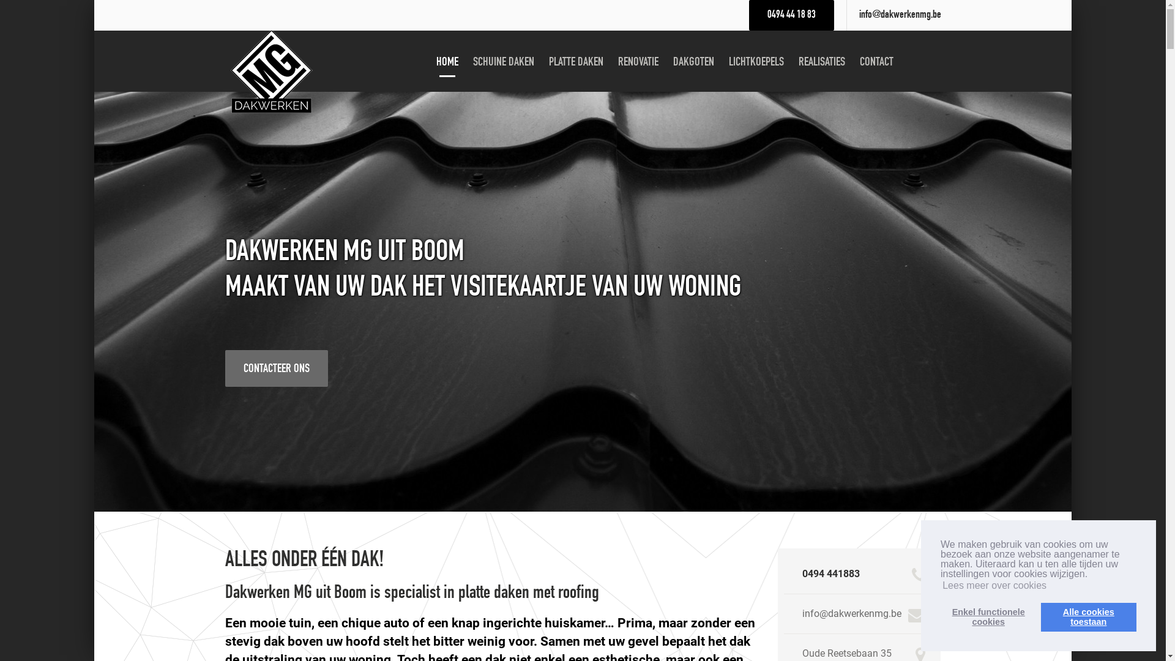 The width and height of the screenshot is (1175, 661). What do you see at coordinates (693, 61) in the screenshot?
I see `'DAKGOTEN'` at bounding box center [693, 61].